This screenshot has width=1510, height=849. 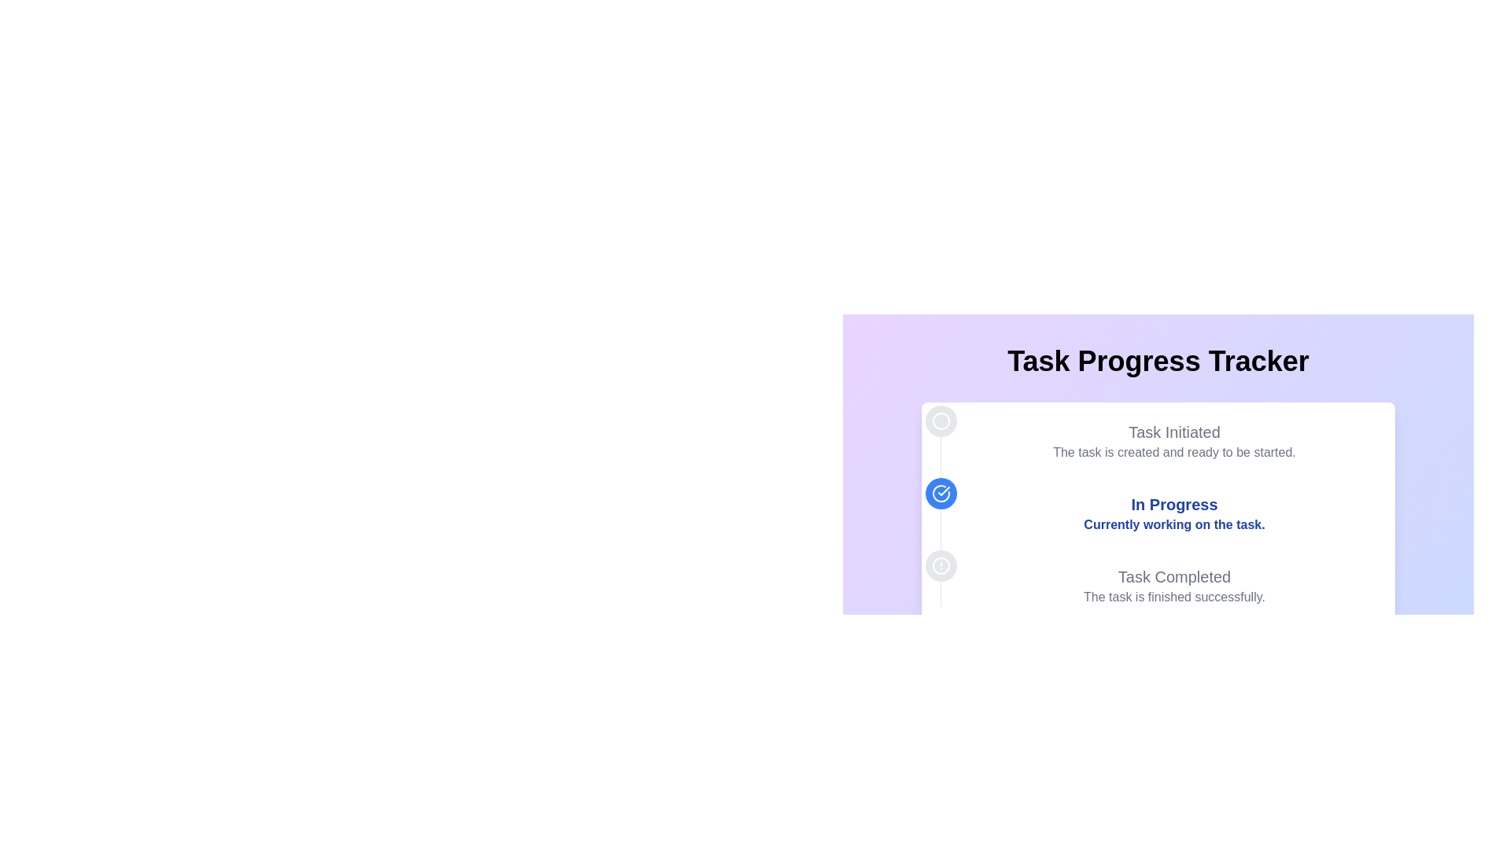 What do you see at coordinates (1174, 597) in the screenshot?
I see `the text label that indicates task completion, located below the 'Task Completed' heading in the progress tracker card` at bounding box center [1174, 597].